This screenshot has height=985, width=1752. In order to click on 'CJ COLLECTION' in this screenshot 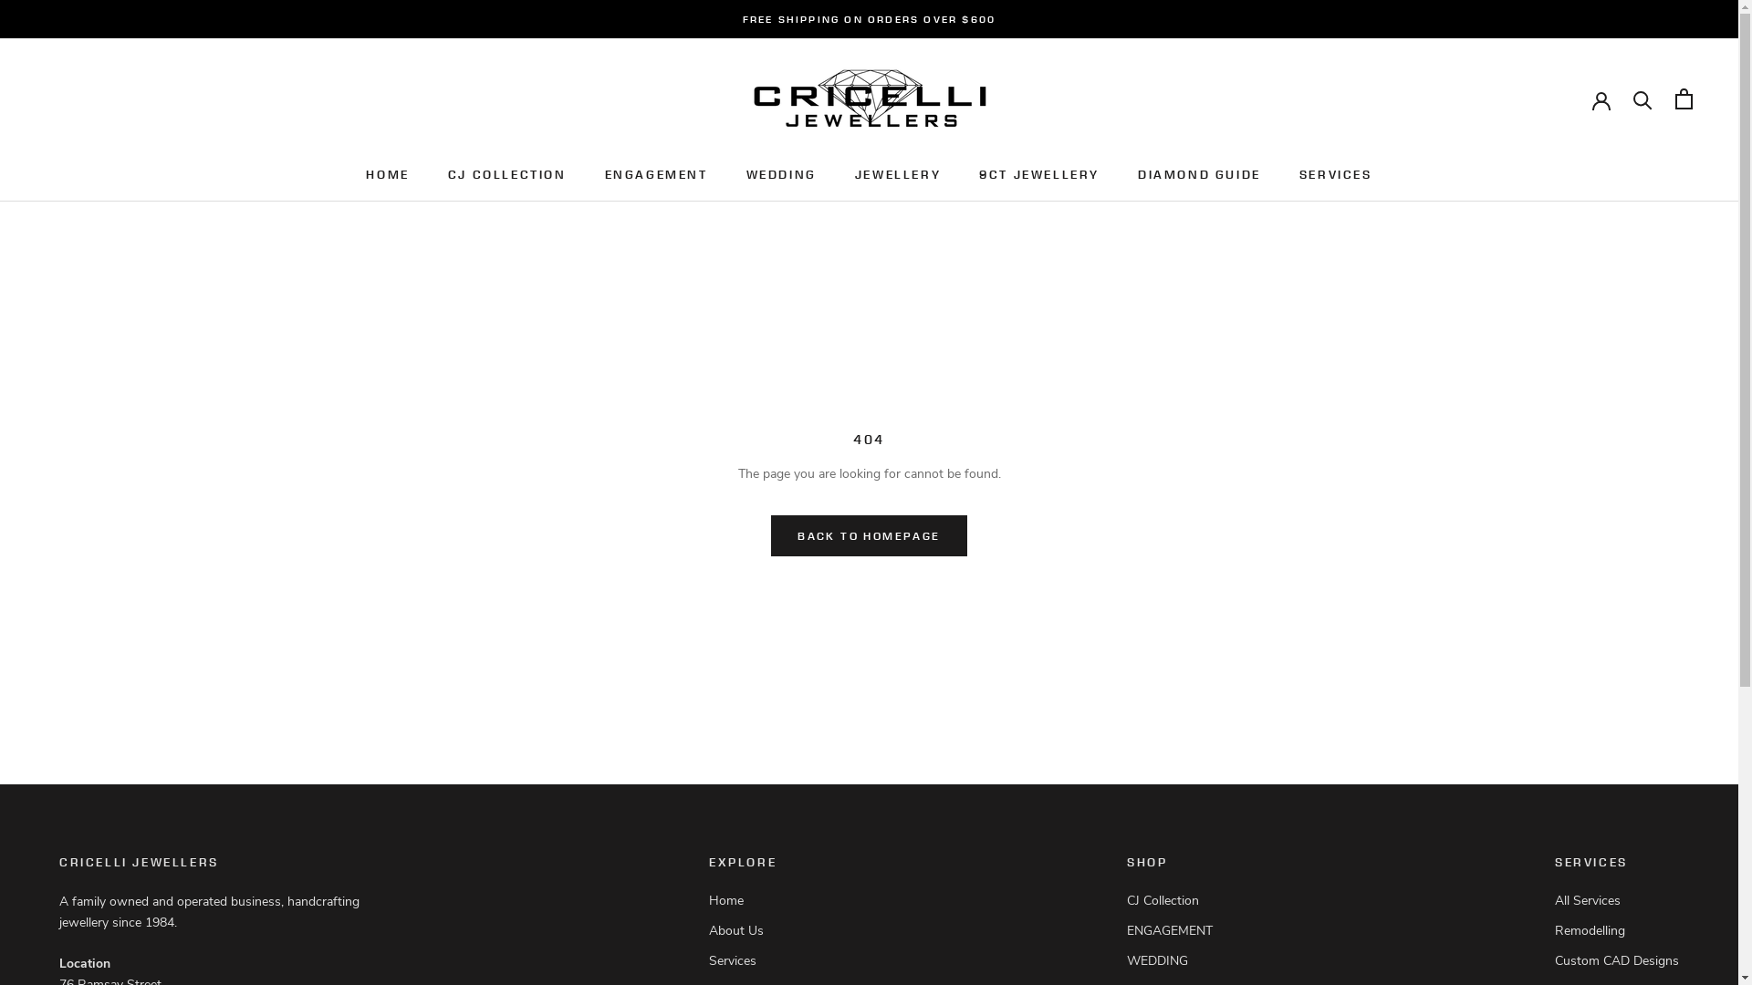, I will do `click(507, 174)`.